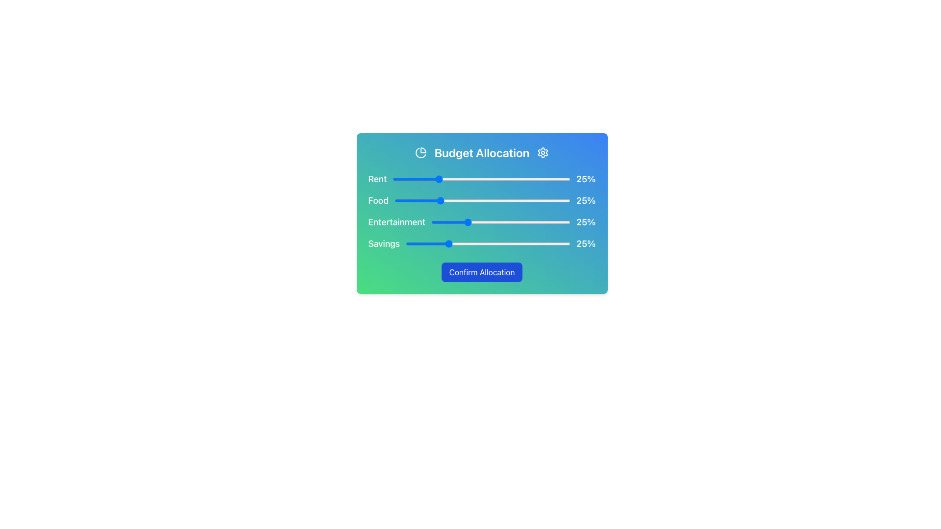 The height and width of the screenshot is (529, 941). What do you see at coordinates (496, 243) in the screenshot?
I see `the Savings slider` at bounding box center [496, 243].